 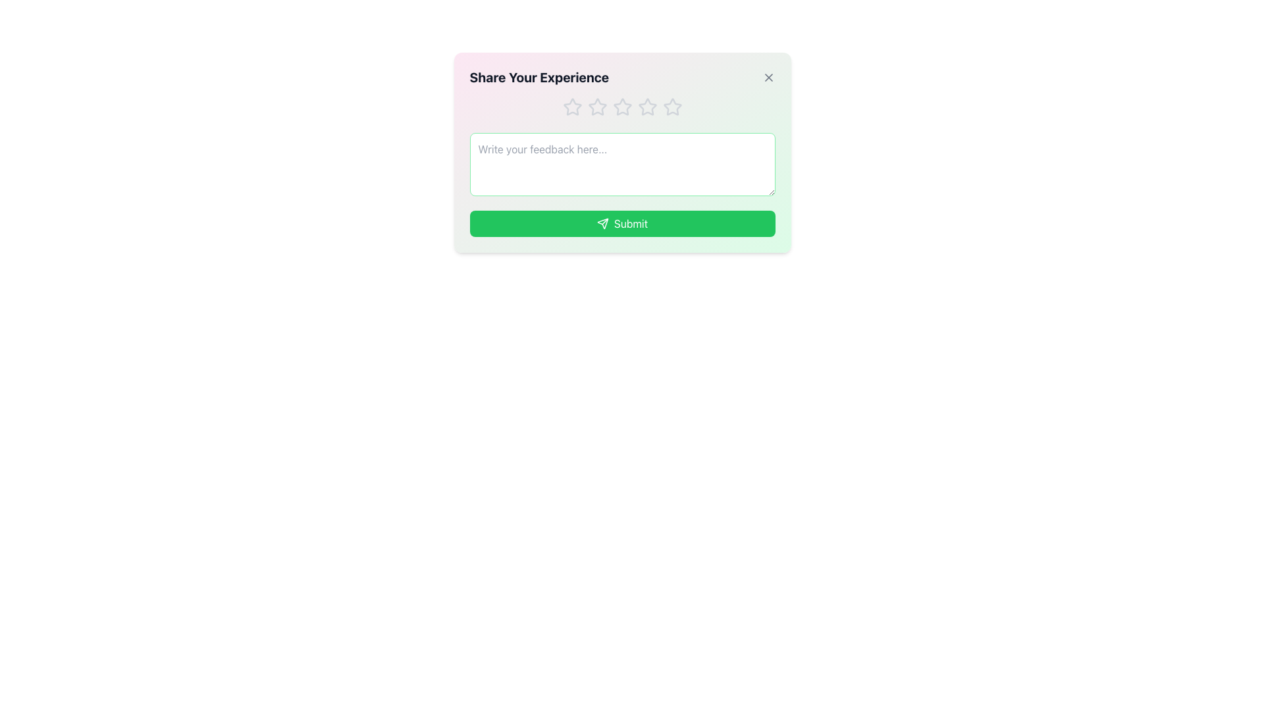 What do you see at coordinates (621, 223) in the screenshot?
I see `the 'Submit' button, which is a green rectangular button with rounded corners and white text, located at the bottom of the feedback form interface` at bounding box center [621, 223].